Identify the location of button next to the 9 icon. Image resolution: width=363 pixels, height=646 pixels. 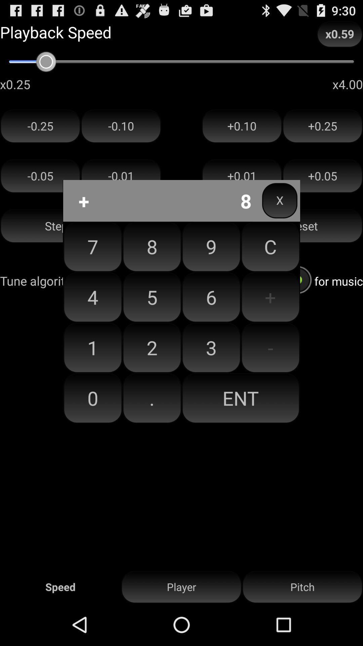
(270, 297).